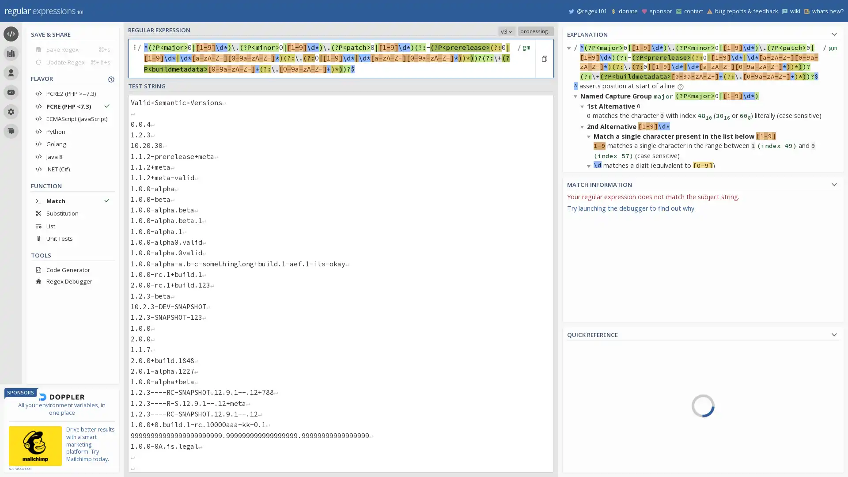 Image resolution: width=848 pixels, height=477 pixels. I want to click on Match 1, so click(591, 203).